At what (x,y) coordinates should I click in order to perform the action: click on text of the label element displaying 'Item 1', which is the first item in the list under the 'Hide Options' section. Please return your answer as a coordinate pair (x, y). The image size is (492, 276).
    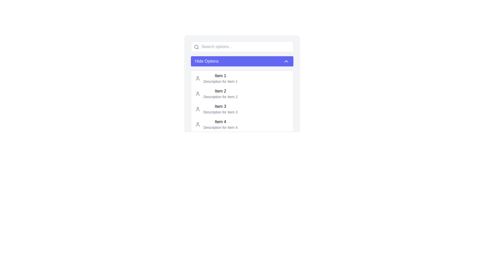
    Looking at the image, I should click on (220, 76).